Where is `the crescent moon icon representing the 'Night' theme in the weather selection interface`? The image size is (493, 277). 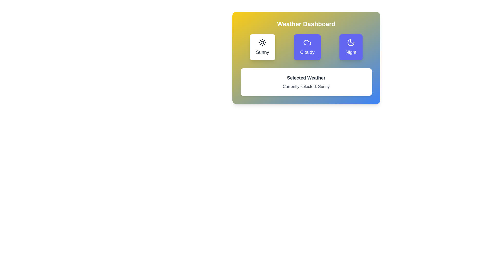 the crescent moon icon representing the 'Night' theme in the weather selection interface is located at coordinates (351, 42).